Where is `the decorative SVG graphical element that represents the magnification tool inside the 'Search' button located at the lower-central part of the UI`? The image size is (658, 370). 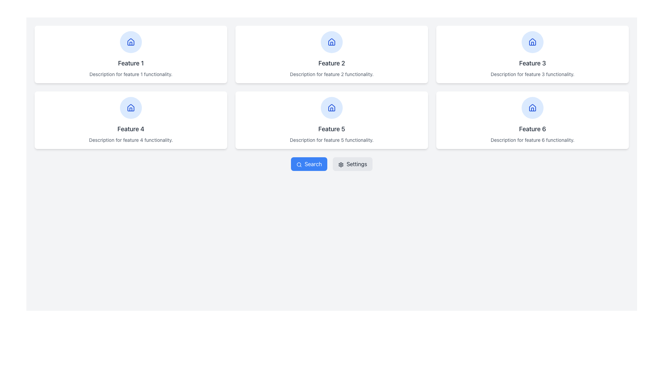 the decorative SVG graphical element that represents the magnification tool inside the 'Search' button located at the lower-central part of the UI is located at coordinates (299, 164).